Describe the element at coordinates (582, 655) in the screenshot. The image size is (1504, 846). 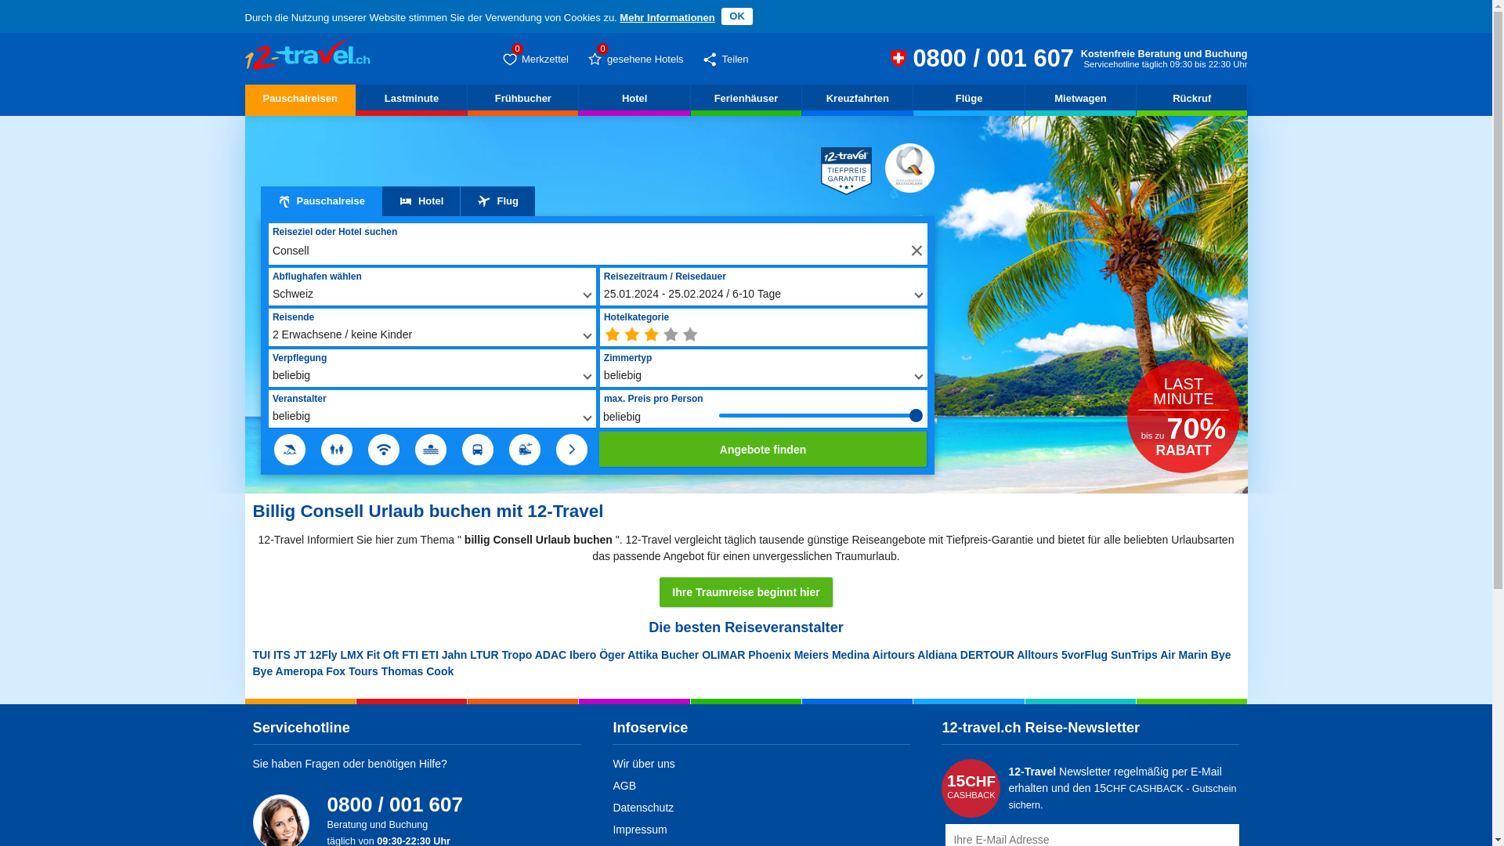
I see `'Ibero'` at that location.